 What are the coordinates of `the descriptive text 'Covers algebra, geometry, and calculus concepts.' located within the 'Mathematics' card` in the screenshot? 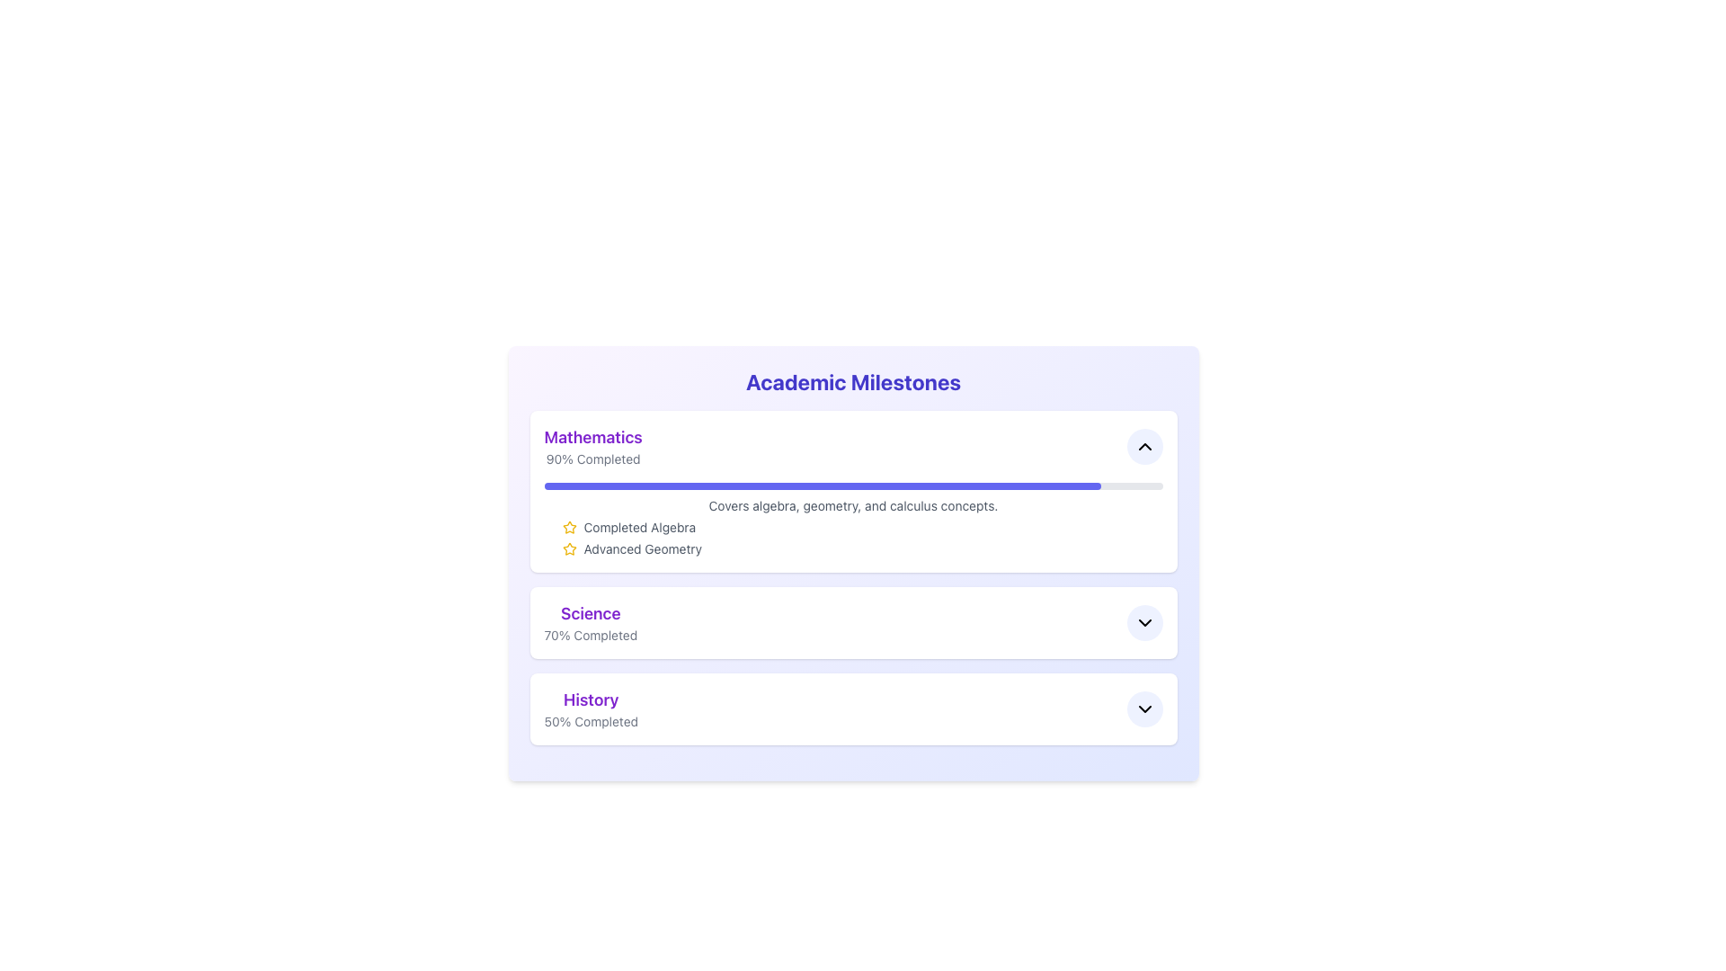 It's located at (852, 506).